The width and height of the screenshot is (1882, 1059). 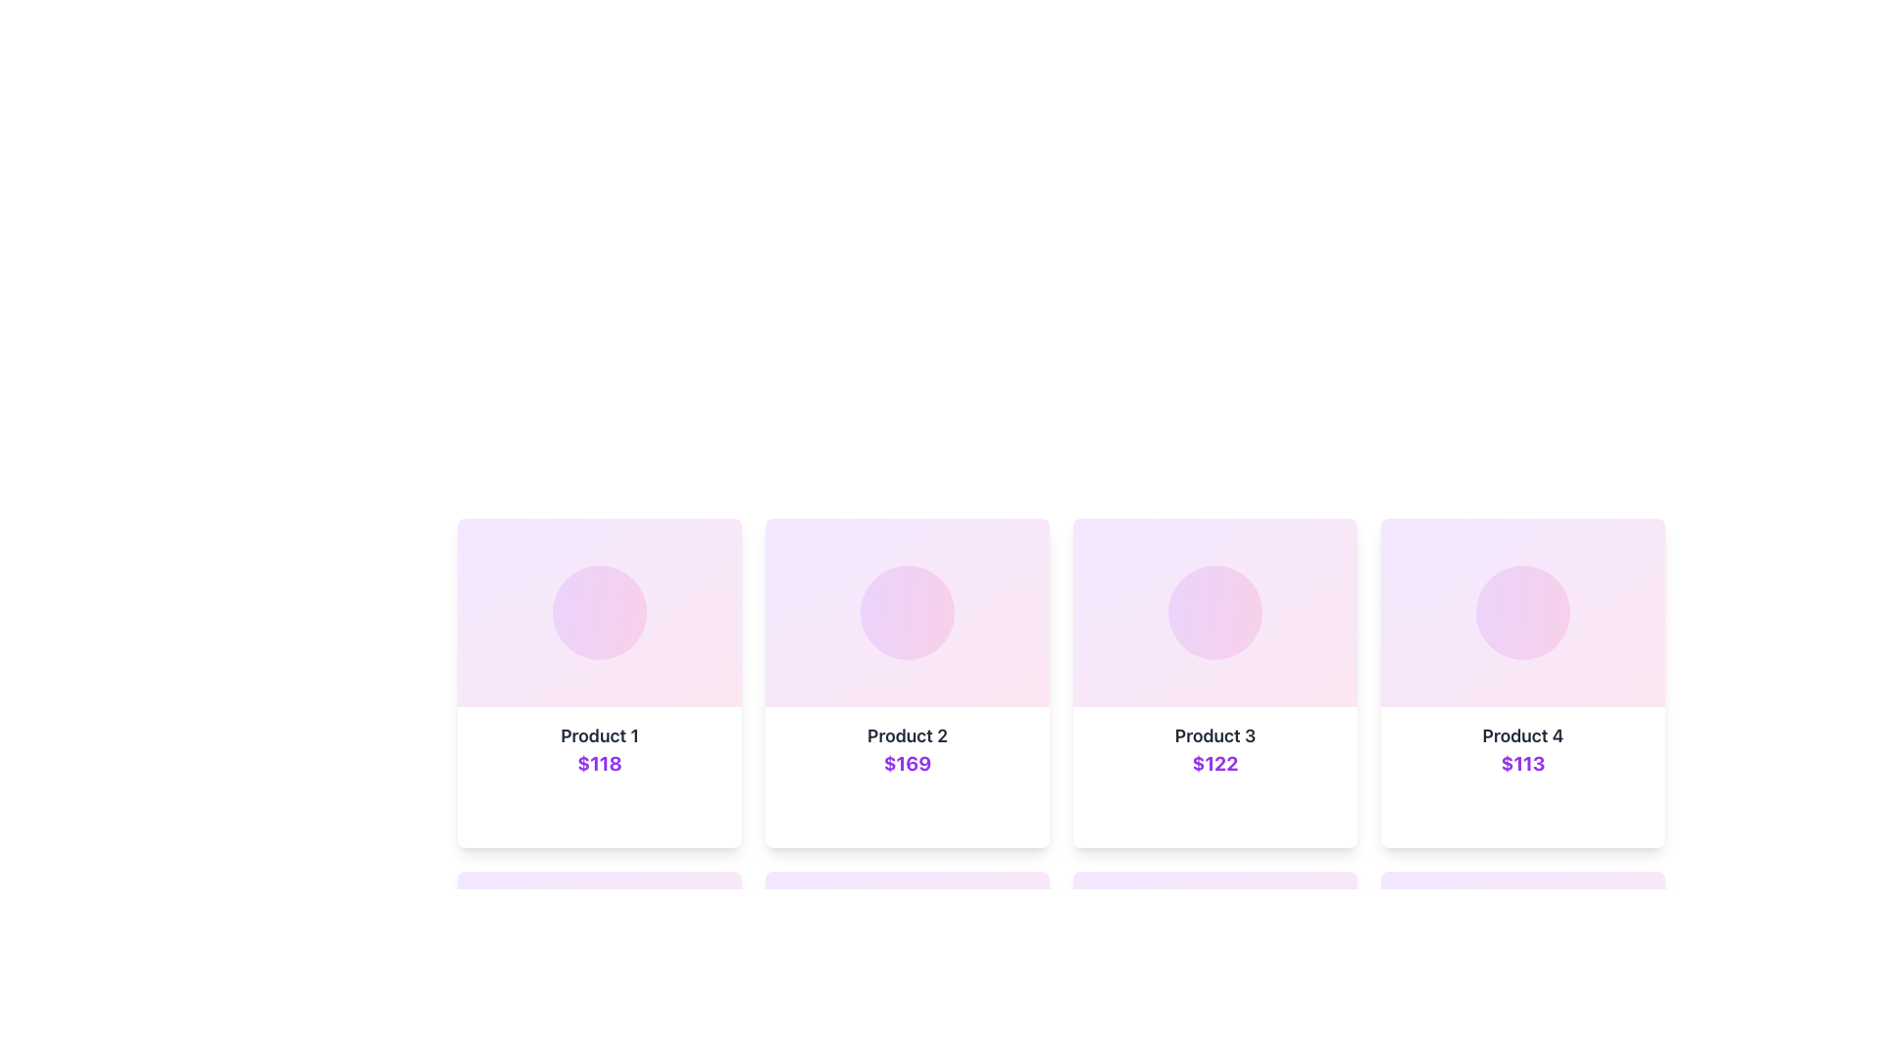 What do you see at coordinates (1501, 813) in the screenshot?
I see `the 'Add to Cart' button for 'Product 4', which is located at the bottom center of the product card priced at '$113'` at bounding box center [1501, 813].